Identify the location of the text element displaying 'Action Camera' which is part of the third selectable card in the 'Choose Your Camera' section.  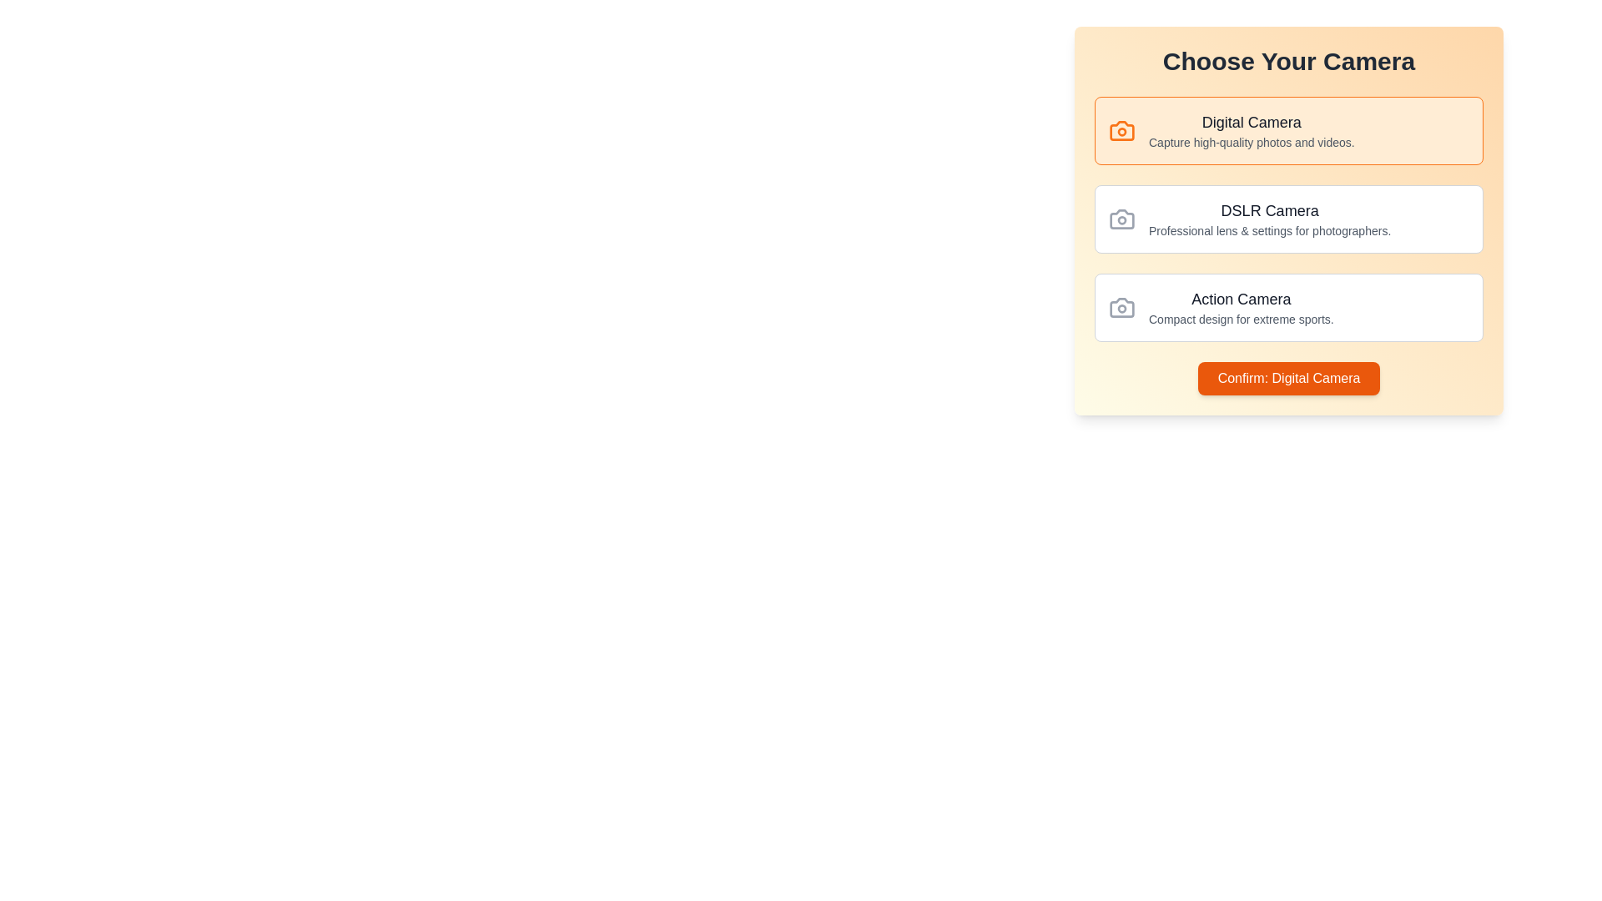
(1241, 308).